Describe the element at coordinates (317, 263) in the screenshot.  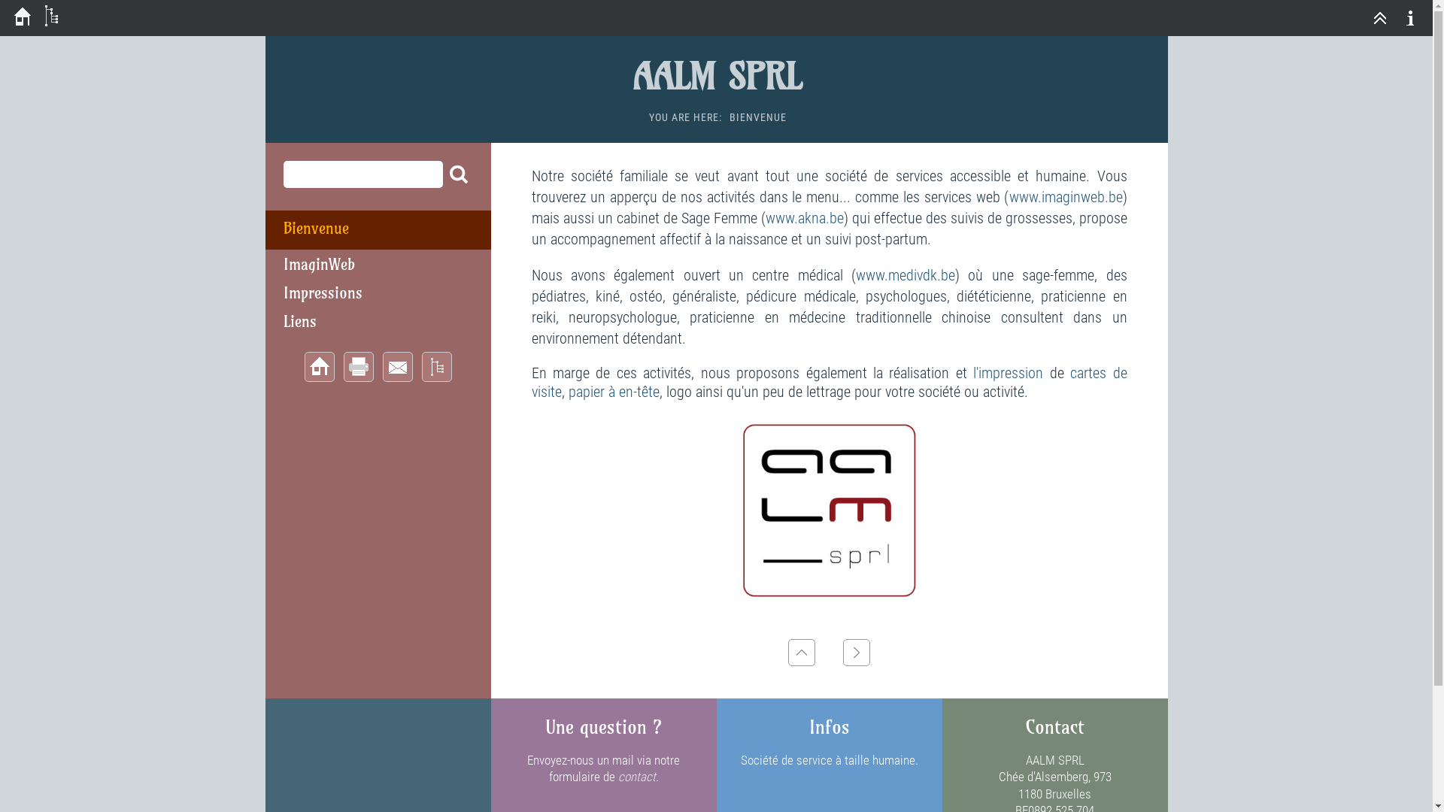
I see `'ImaginWeb'` at that location.